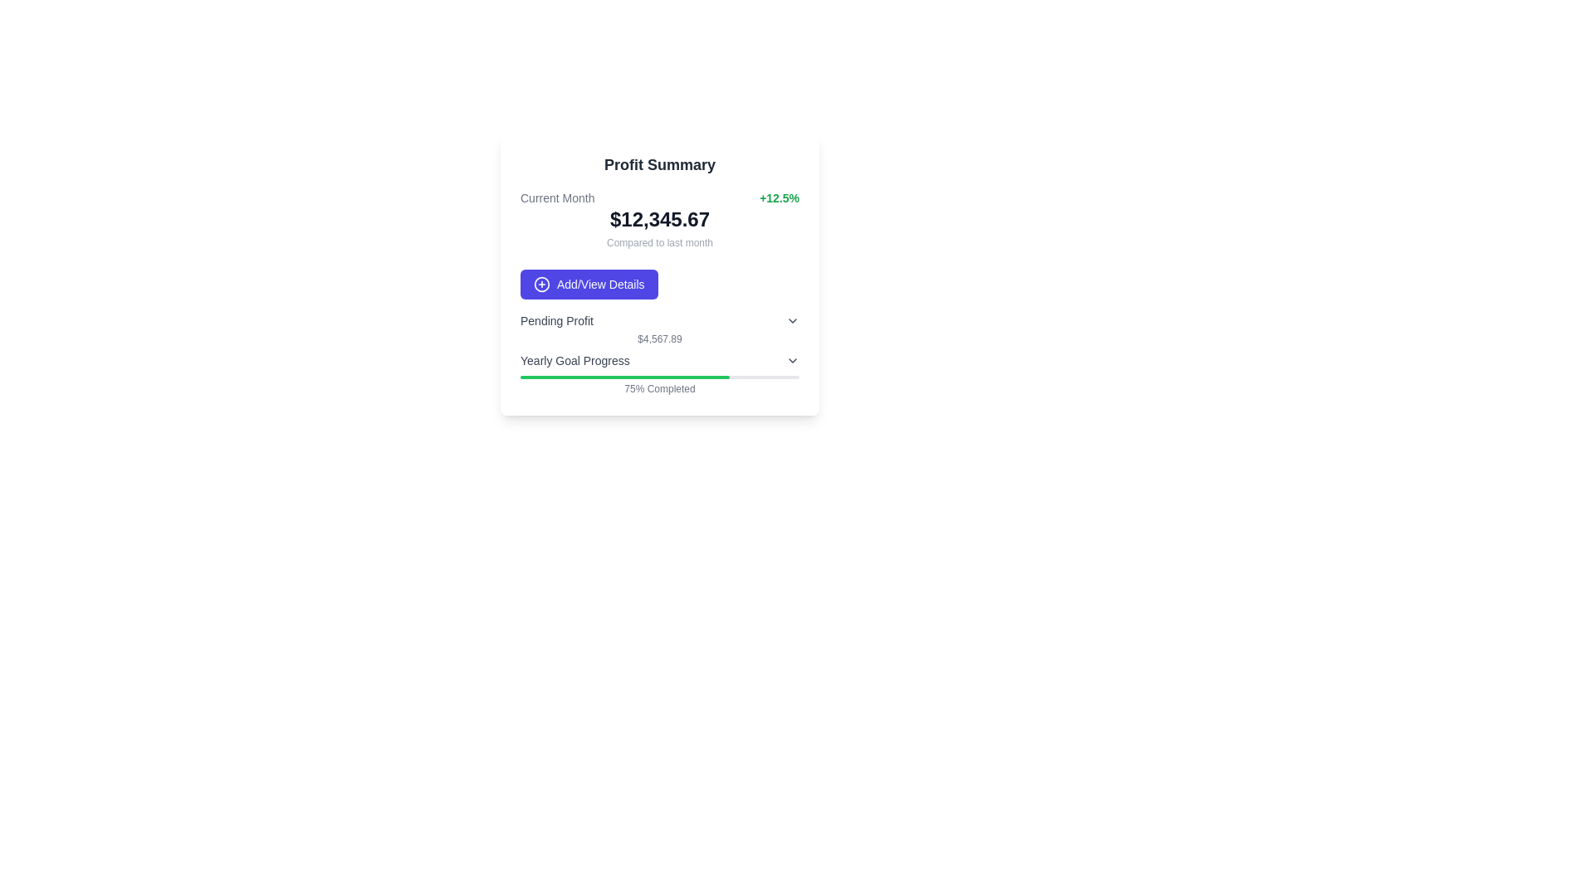  What do you see at coordinates (659, 389) in the screenshot?
I see `the text label displaying '75% Completed' in a small-sized gray font, located below the progress bar in the 'Yearly Goal Progress' section of the 'Profit Summary' panel` at bounding box center [659, 389].